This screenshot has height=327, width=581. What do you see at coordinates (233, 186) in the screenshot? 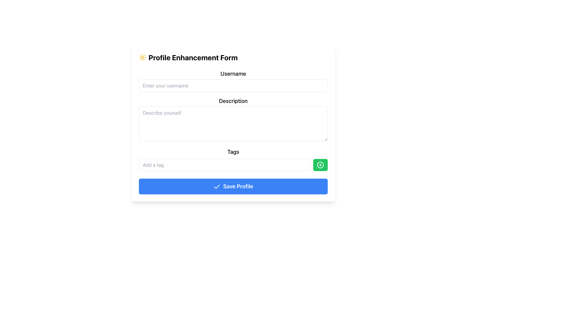
I see `the save button located at the bottom of the 'Profile Enhancement Form', which spans the full width and is directly below the Tags section, to change its background color` at bounding box center [233, 186].